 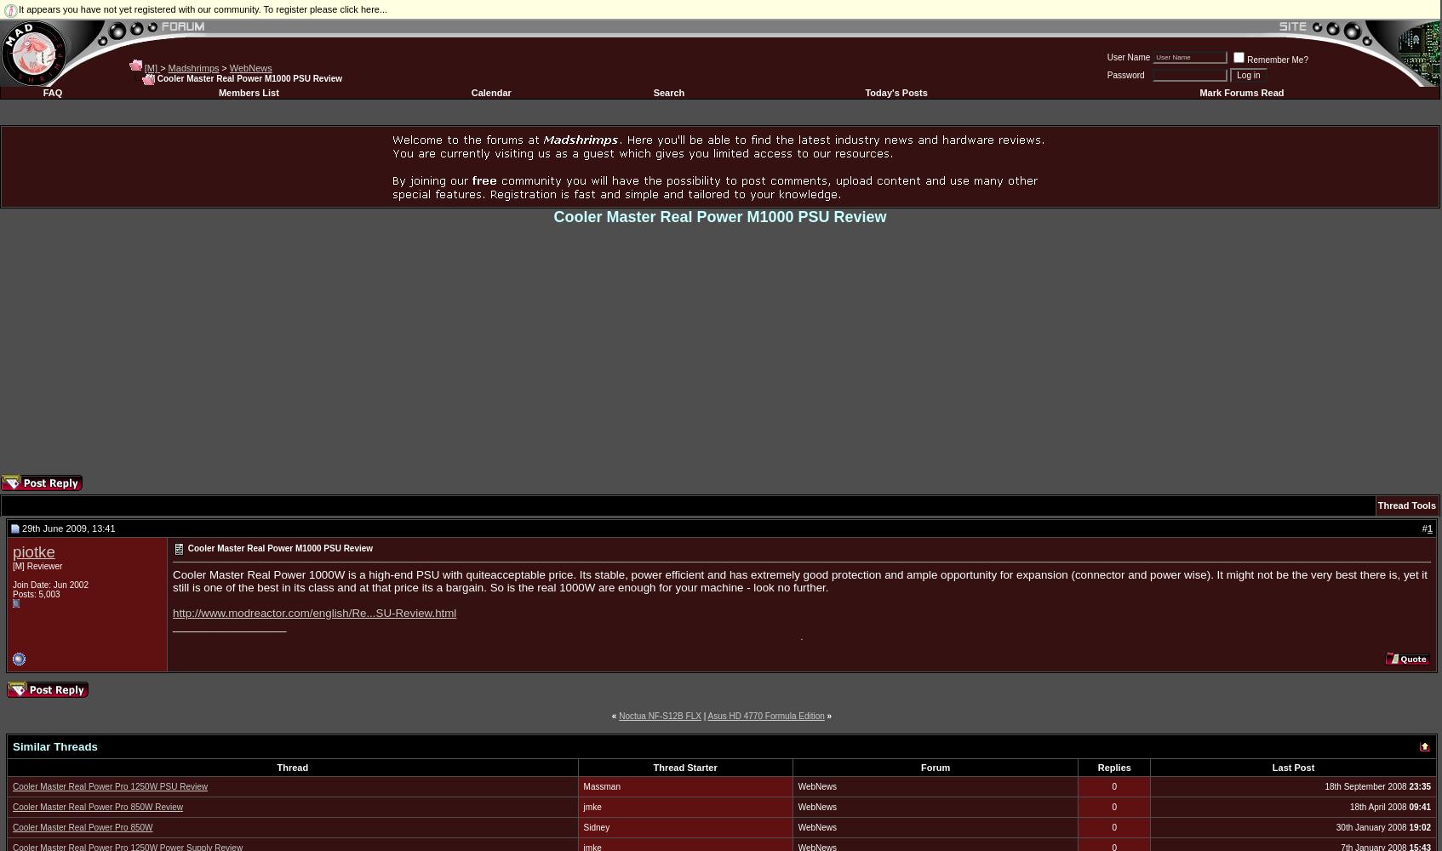 I want to click on 'Thread Starter', so click(x=684, y=767).